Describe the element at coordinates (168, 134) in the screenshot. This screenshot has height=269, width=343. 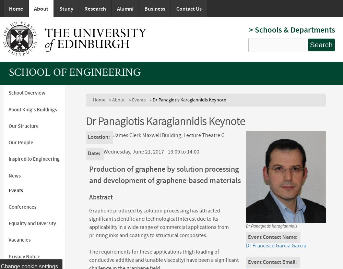
I see `'James Clerk Maxwell Building, Lecture Theatre C'` at that location.